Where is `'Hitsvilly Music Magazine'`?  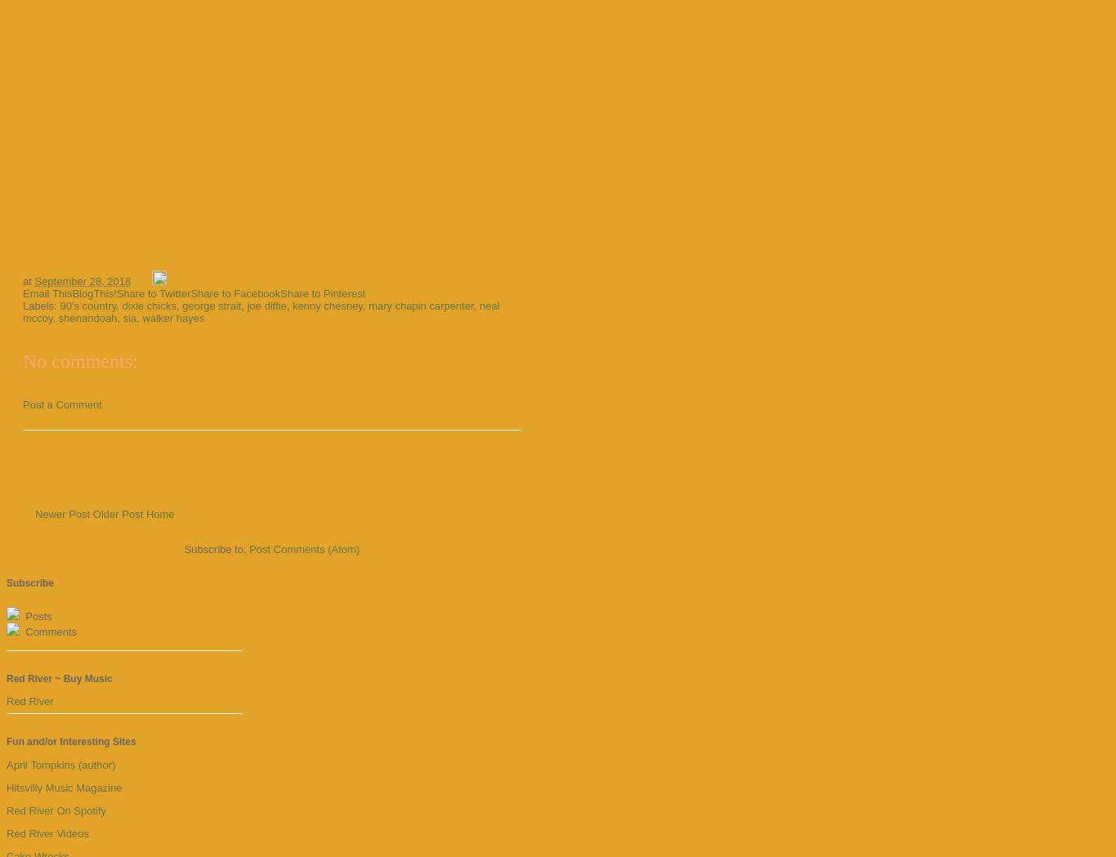
'Hitsvilly Music Magazine' is located at coordinates (64, 787).